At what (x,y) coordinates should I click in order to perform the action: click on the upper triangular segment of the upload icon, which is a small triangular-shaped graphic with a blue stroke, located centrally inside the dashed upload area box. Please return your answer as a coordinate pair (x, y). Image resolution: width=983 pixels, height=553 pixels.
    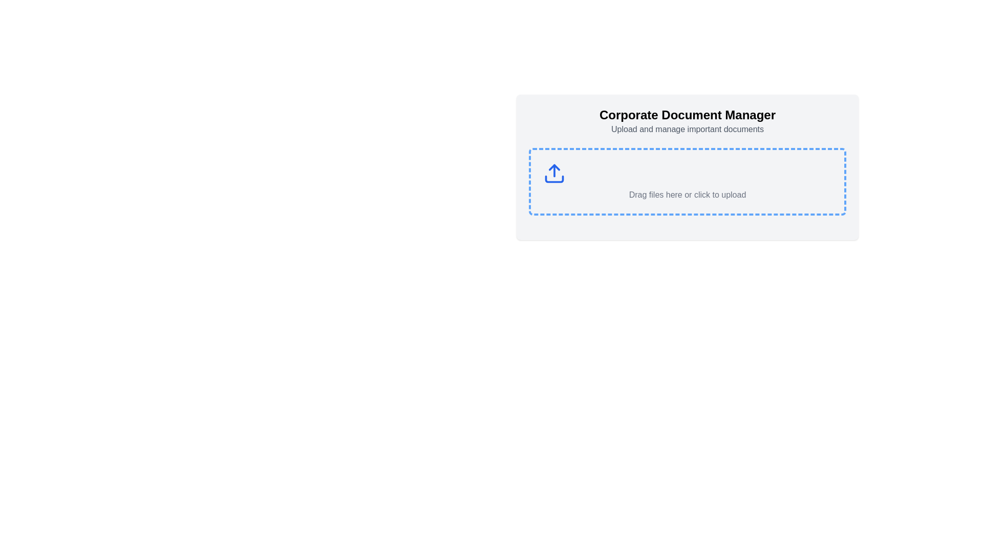
    Looking at the image, I should click on (554, 167).